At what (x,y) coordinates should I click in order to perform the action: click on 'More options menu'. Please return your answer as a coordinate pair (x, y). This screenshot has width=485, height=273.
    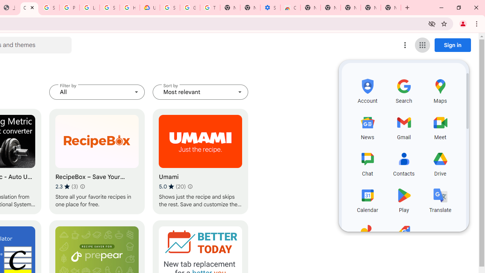
    Looking at the image, I should click on (405, 45).